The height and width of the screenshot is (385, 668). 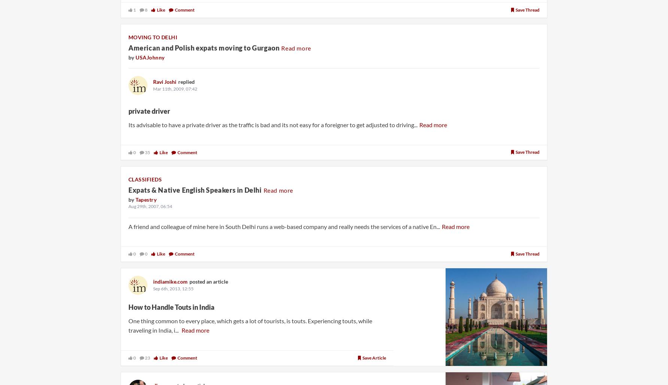 I want to click on 'Aug 29th, 2007, 06:54', so click(x=150, y=206).